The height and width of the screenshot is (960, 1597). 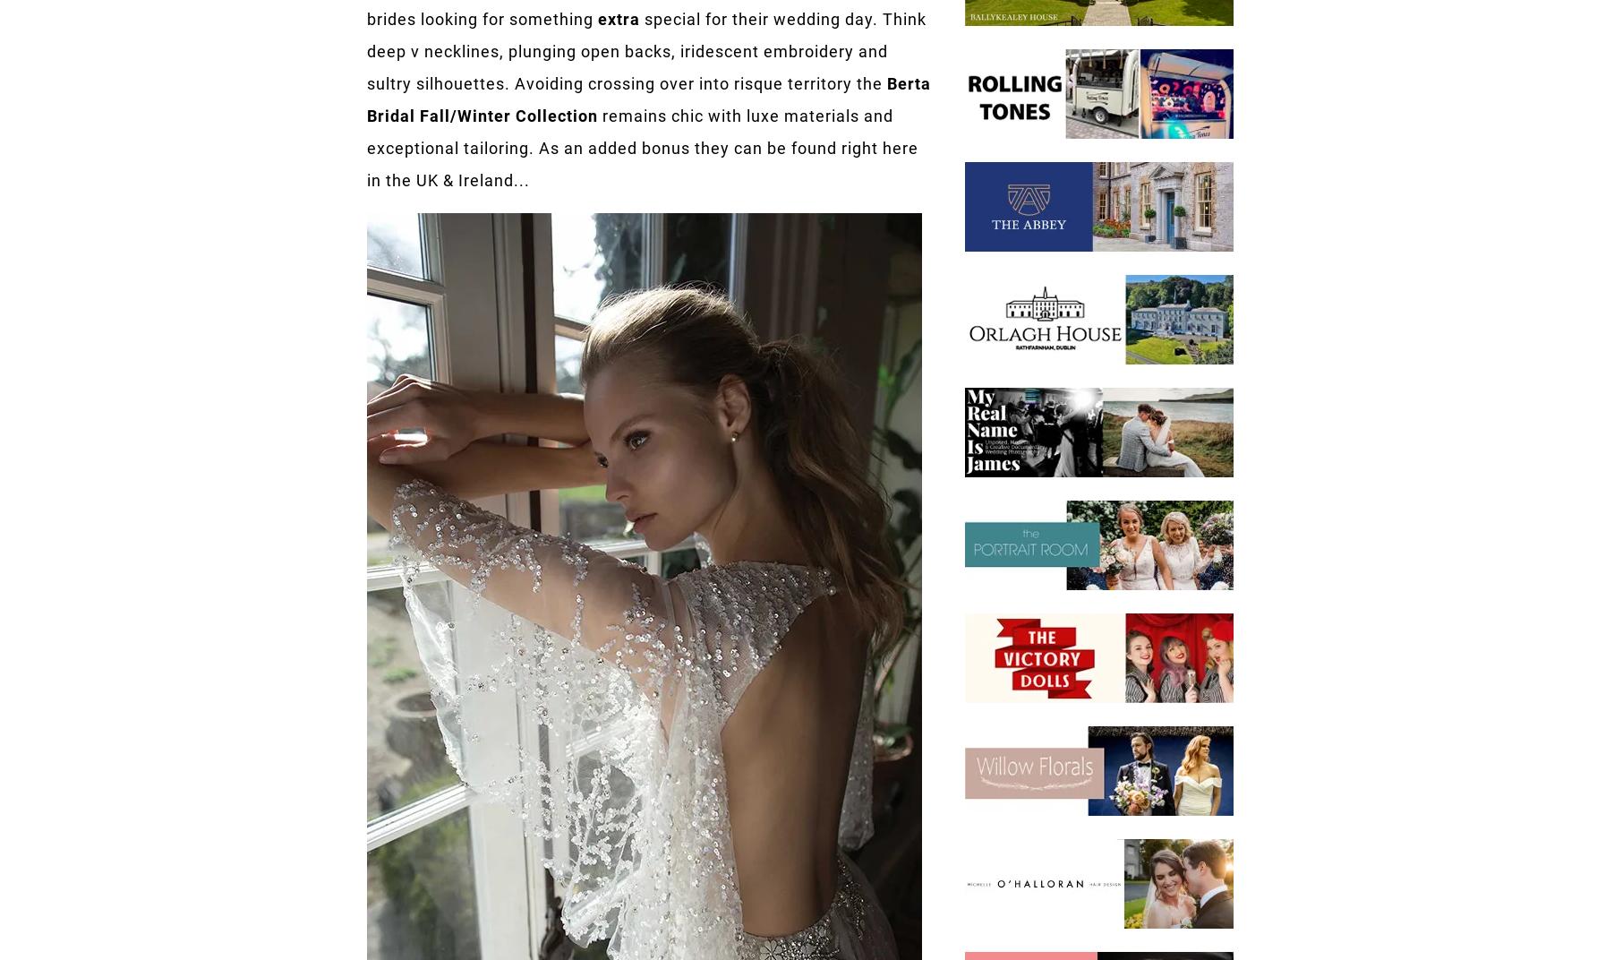 What do you see at coordinates (454, 829) in the screenshot?
I see `'Submit a Wedding'` at bounding box center [454, 829].